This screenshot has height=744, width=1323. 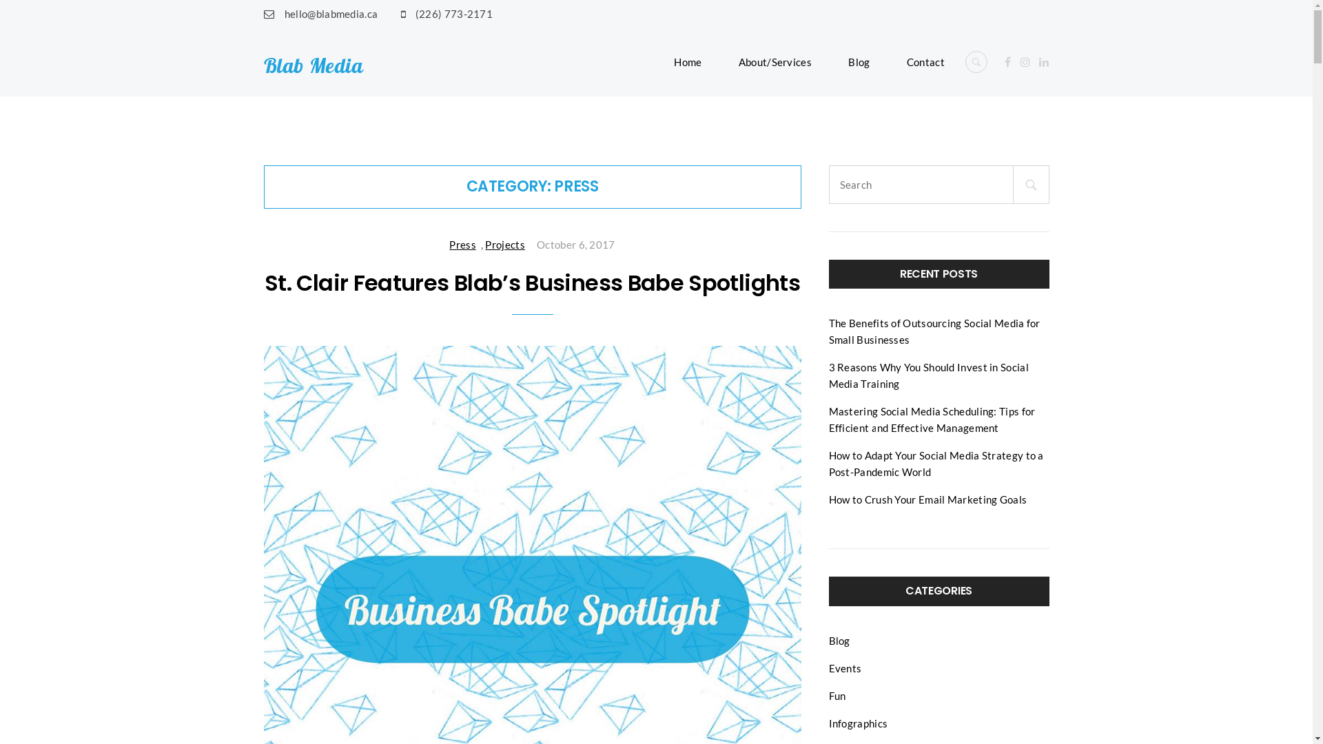 I want to click on 'Events', so click(x=843, y=667).